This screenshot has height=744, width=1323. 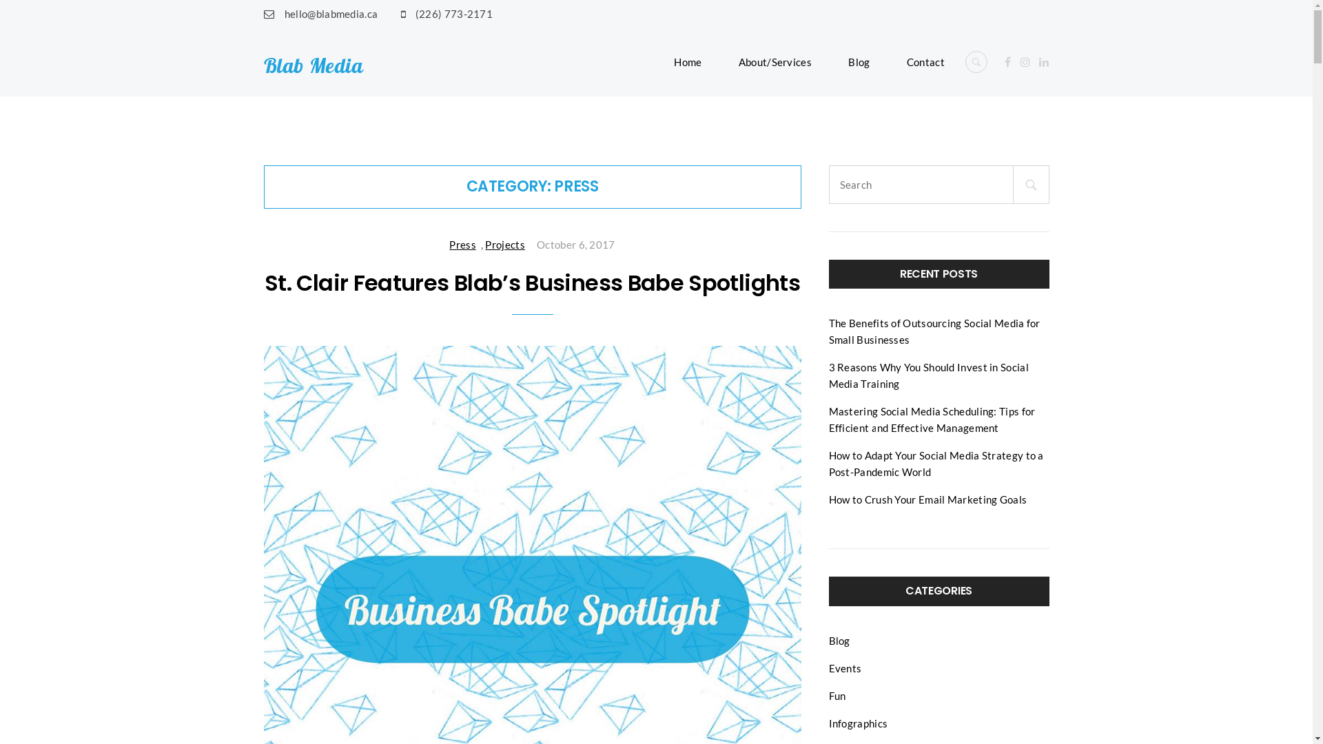 I want to click on 'Events', so click(x=843, y=667).